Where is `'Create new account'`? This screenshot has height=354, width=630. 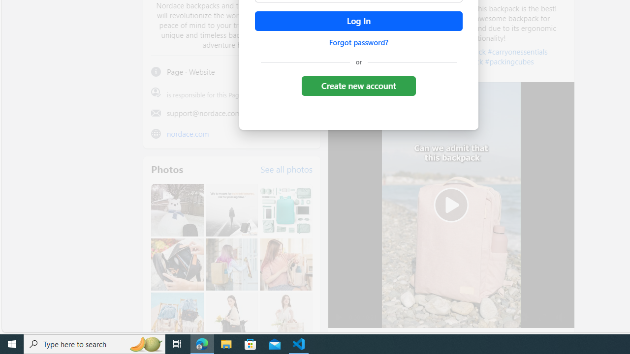 'Create new account' is located at coordinates (358, 85).